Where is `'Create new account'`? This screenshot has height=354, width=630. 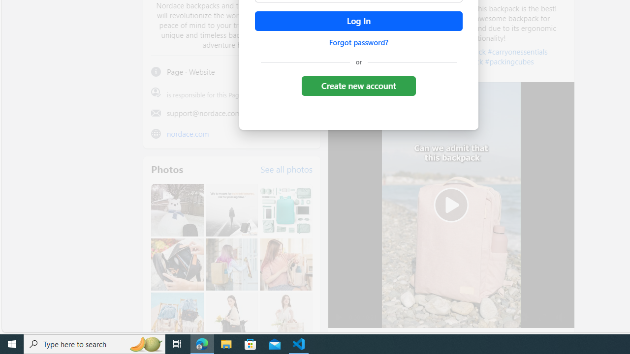 'Create new account' is located at coordinates (358, 85).